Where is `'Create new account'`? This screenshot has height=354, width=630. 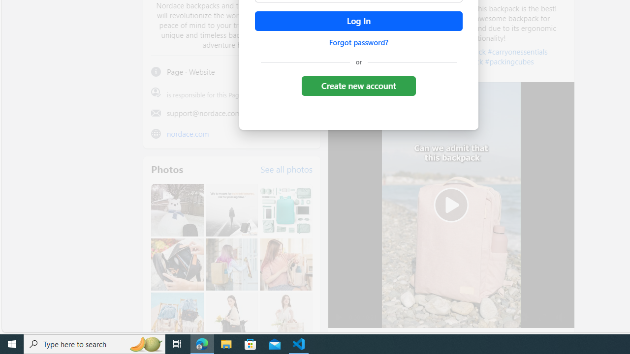 'Create new account' is located at coordinates (358, 85).